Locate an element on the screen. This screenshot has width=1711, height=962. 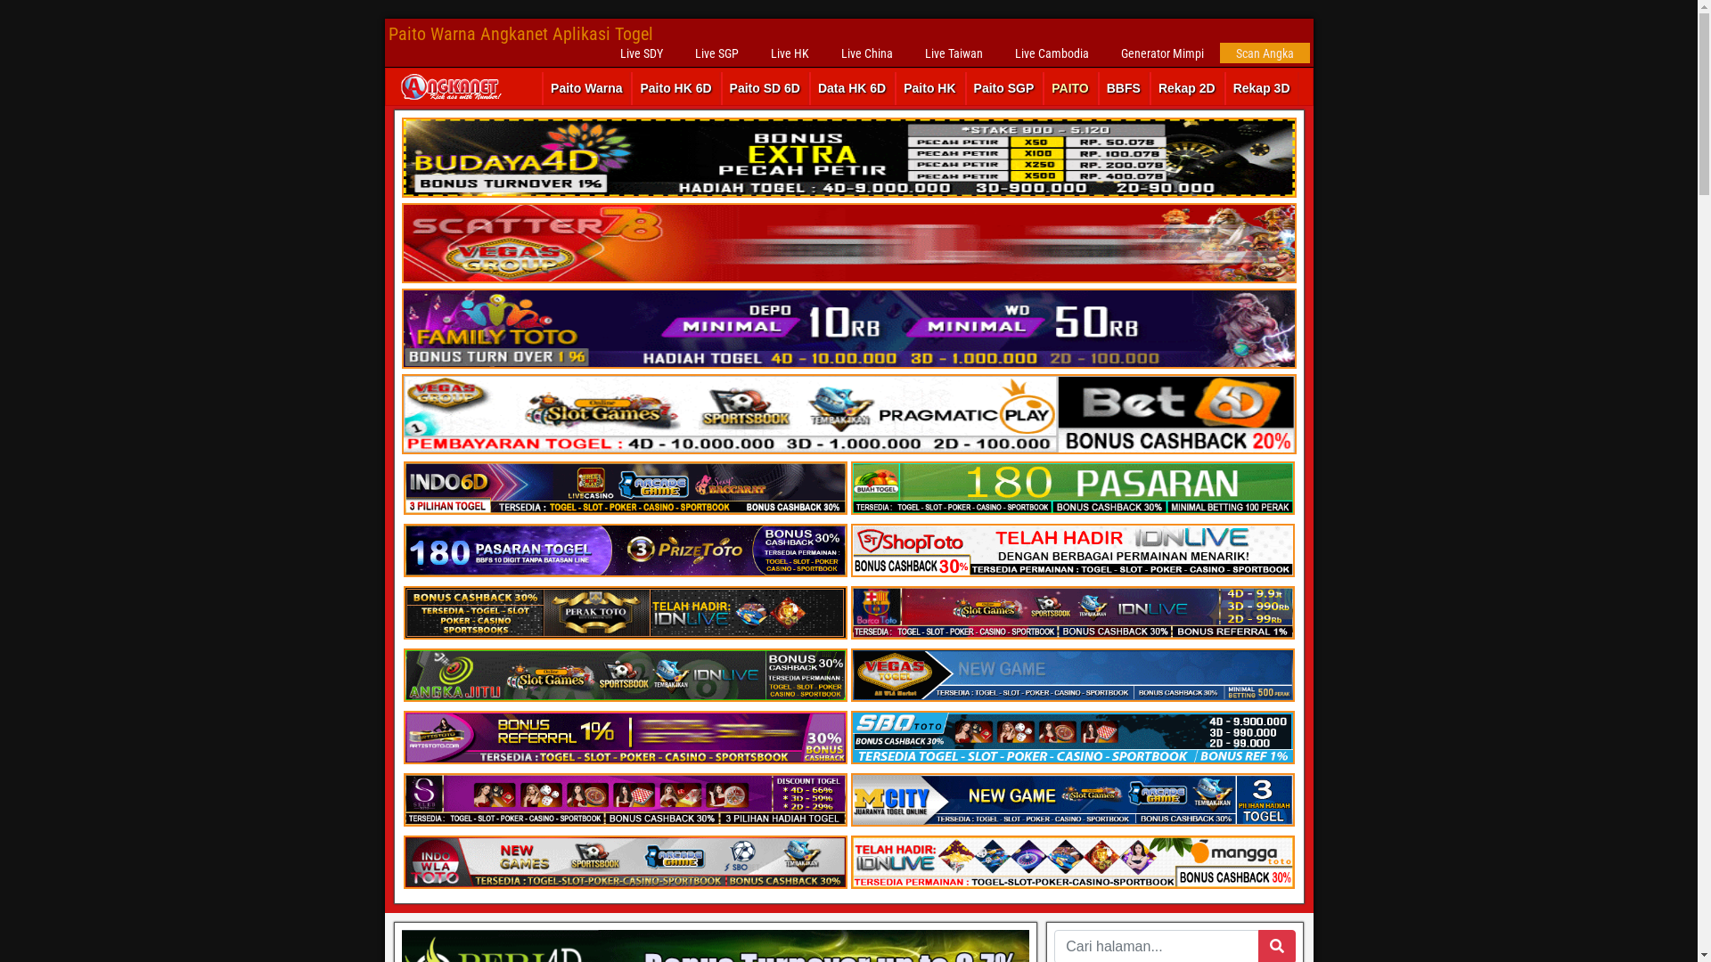
'Bandar Judi Online Terpercaya ANGKAJITUTOTO' is located at coordinates (624, 675).